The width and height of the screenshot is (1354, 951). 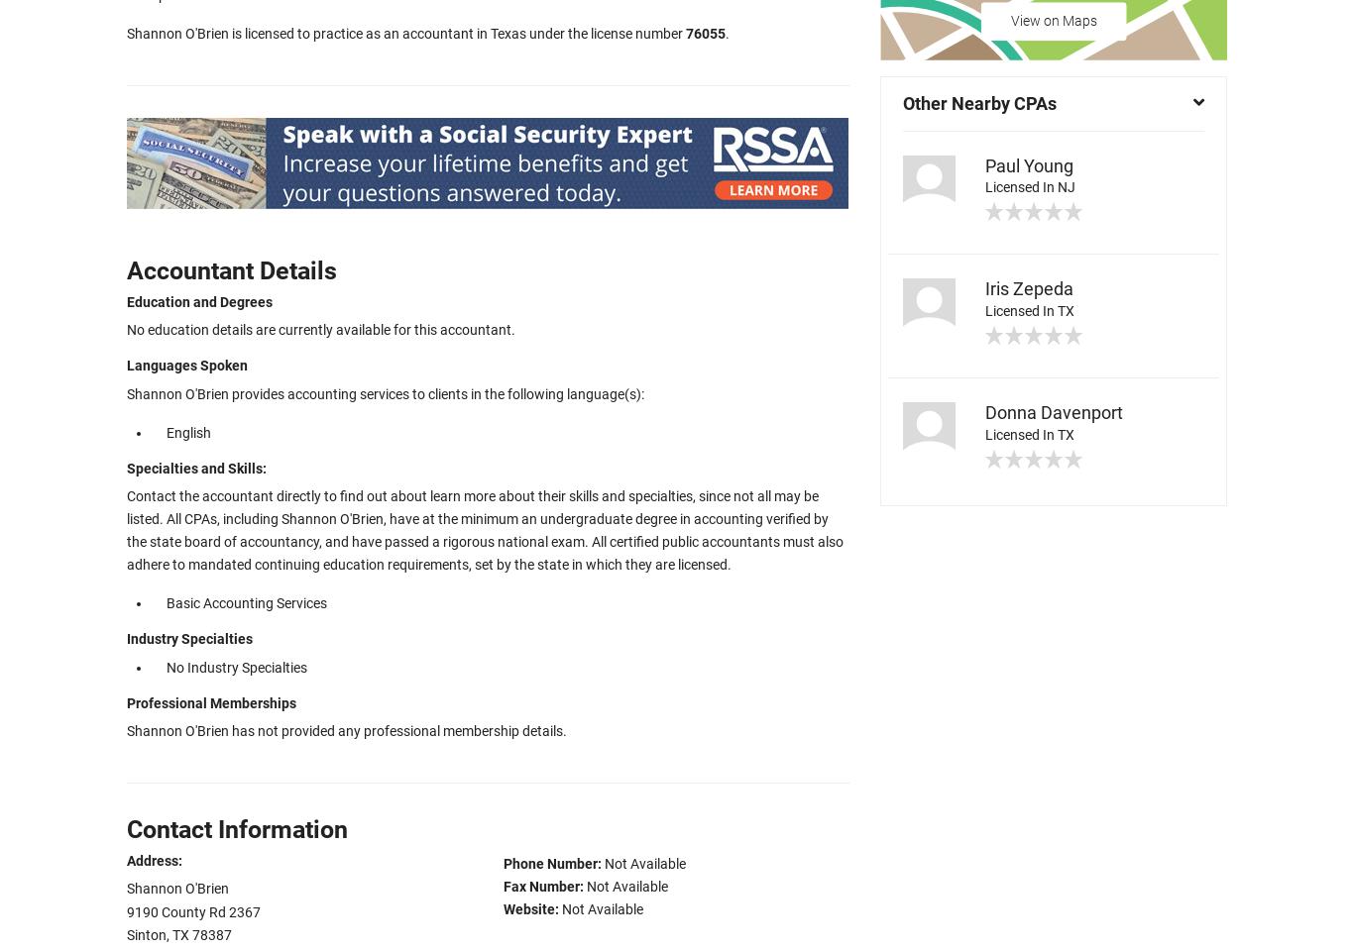 What do you see at coordinates (686, 32) in the screenshot?
I see `'76055'` at bounding box center [686, 32].